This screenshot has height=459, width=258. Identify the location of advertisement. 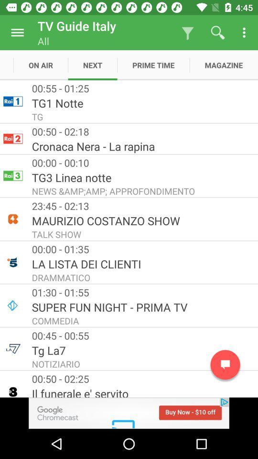
(129, 413).